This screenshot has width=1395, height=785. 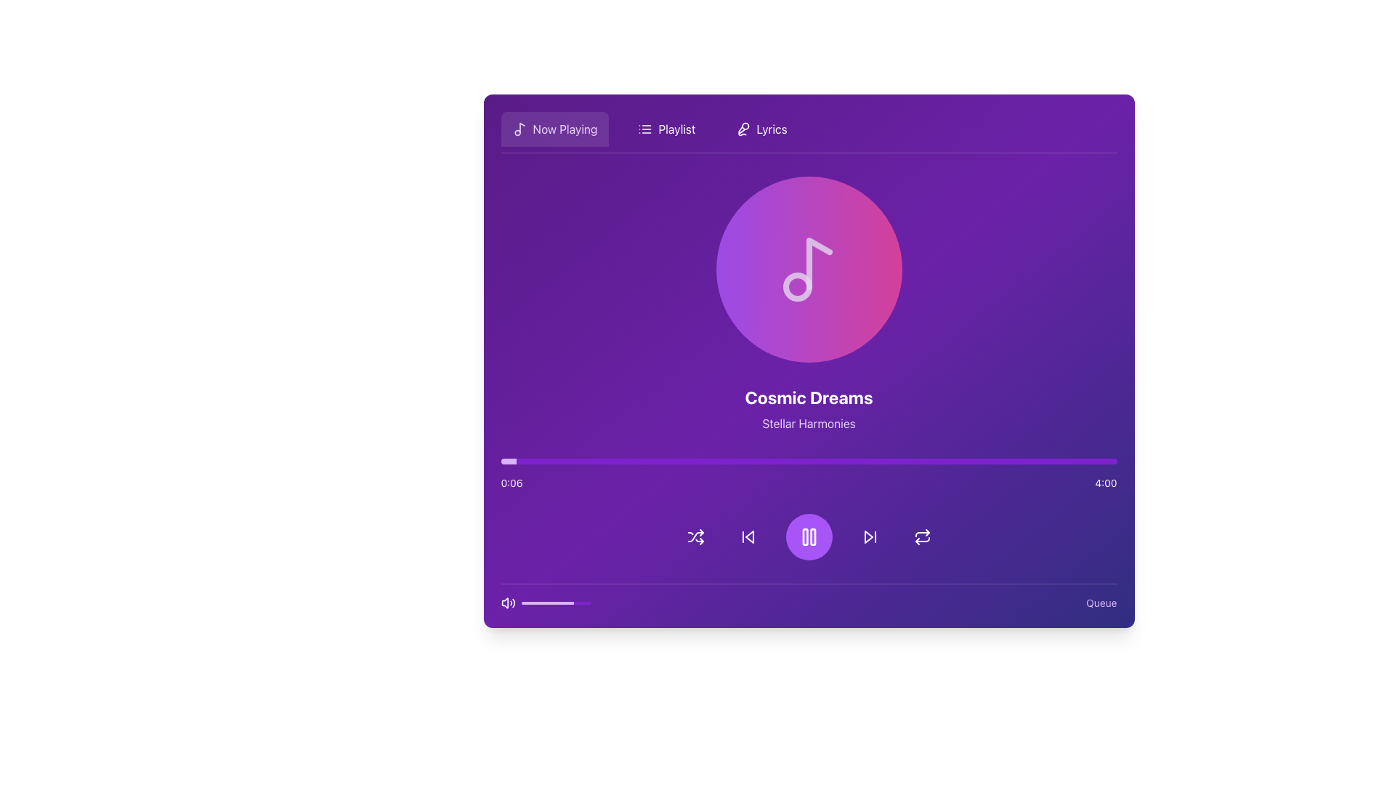 What do you see at coordinates (868, 537) in the screenshot?
I see `the 'skip forward' icon in the bottom control panel` at bounding box center [868, 537].